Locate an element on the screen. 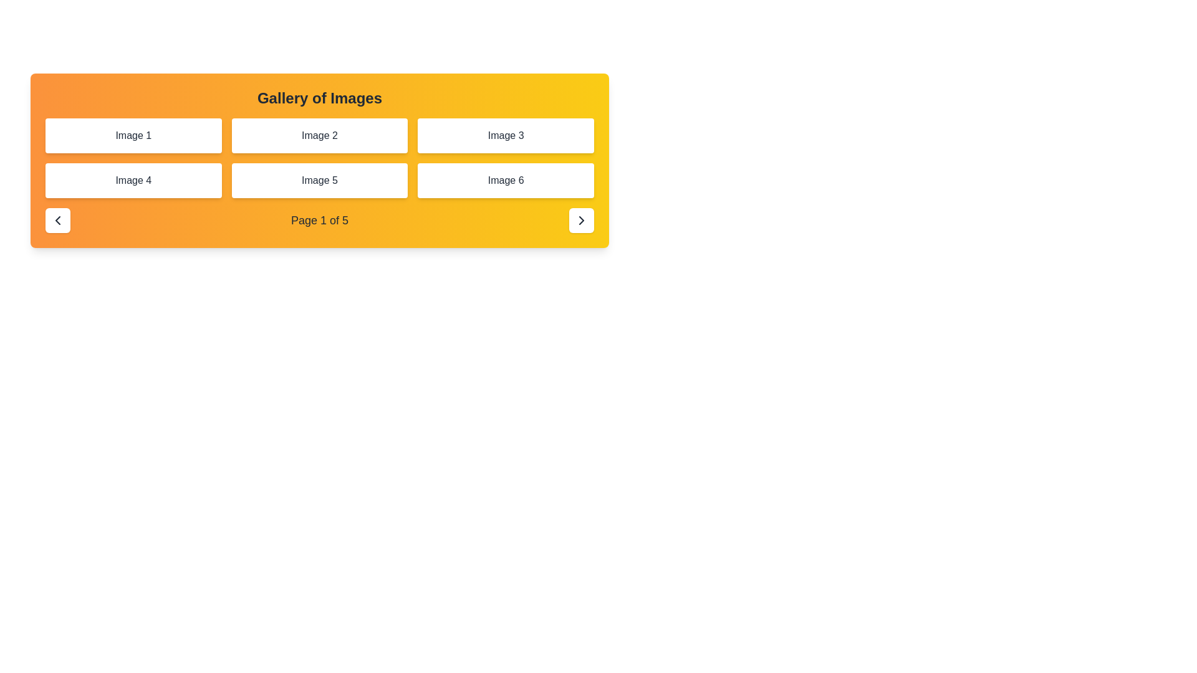  the circular navigation button with a white background and a black leftward chevron icon is located at coordinates (57, 220).